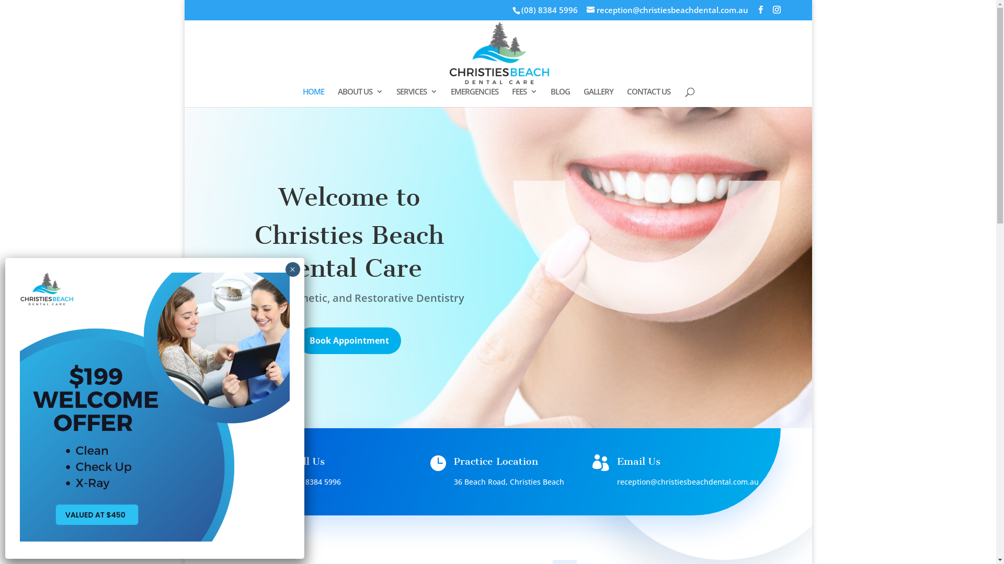 The width and height of the screenshot is (1004, 564). I want to click on 'Book Appointment', so click(349, 340).